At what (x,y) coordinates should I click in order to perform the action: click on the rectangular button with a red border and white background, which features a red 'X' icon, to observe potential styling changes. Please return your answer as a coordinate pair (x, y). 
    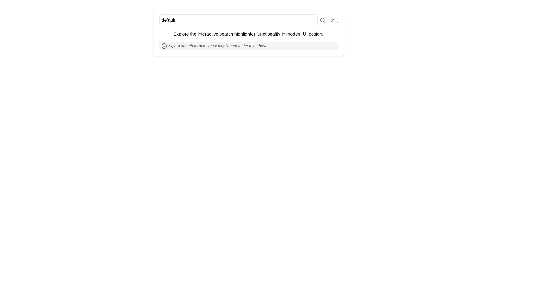
    Looking at the image, I should click on (333, 20).